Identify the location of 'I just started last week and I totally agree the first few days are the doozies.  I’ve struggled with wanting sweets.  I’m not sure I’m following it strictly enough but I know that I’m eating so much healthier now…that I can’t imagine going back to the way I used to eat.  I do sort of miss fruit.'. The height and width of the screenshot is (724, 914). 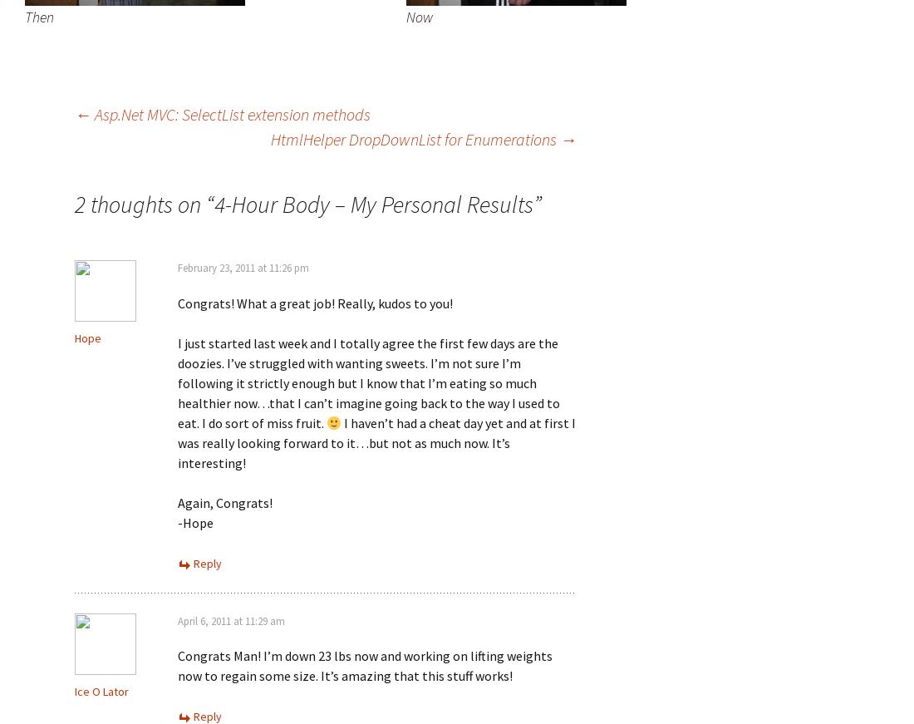
(177, 382).